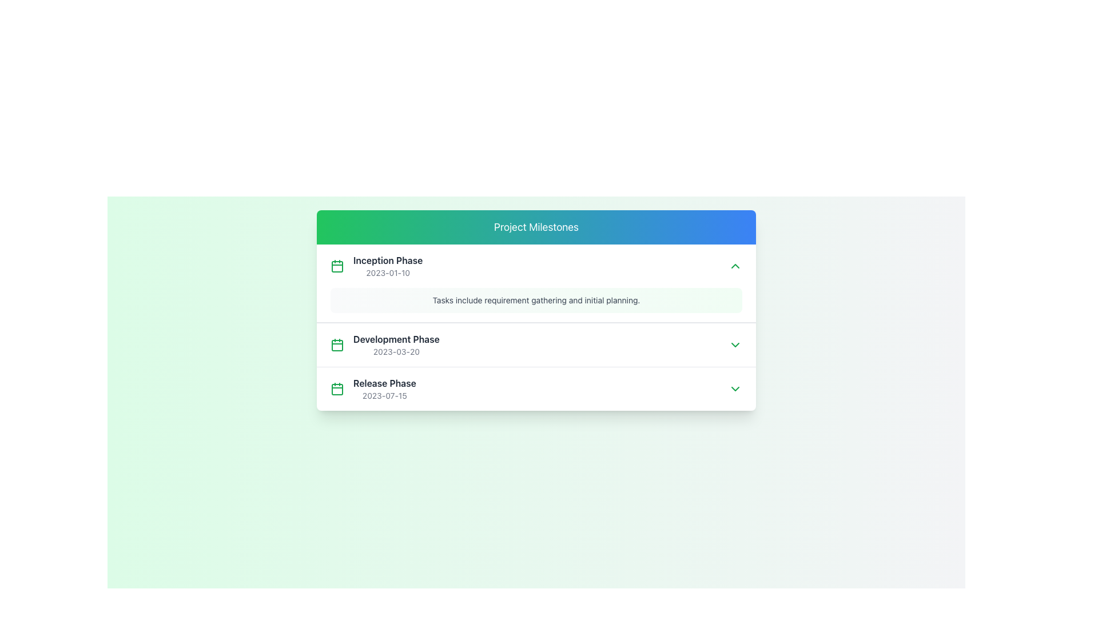  What do you see at coordinates (388, 260) in the screenshot?
I see `the text label 'Inception Phase' which is displayed in bold and dark color, positioned above the date '2023-01-10' and to the right of a green calendar icon` at bounding box center [388, 260].